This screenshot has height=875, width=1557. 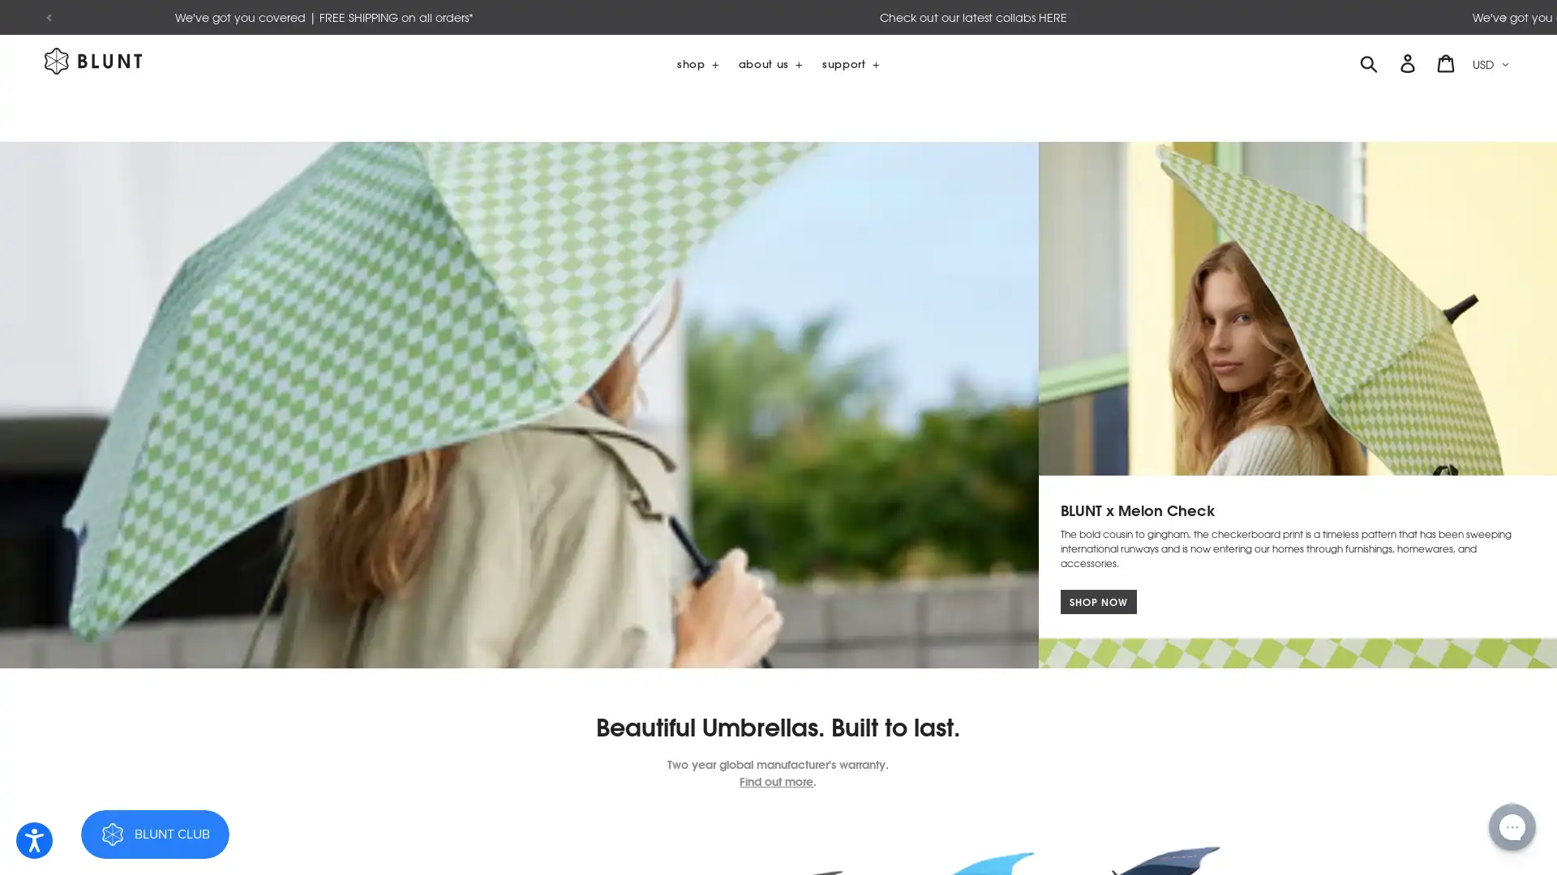 I want to click on support, so click(x=850, y=62).